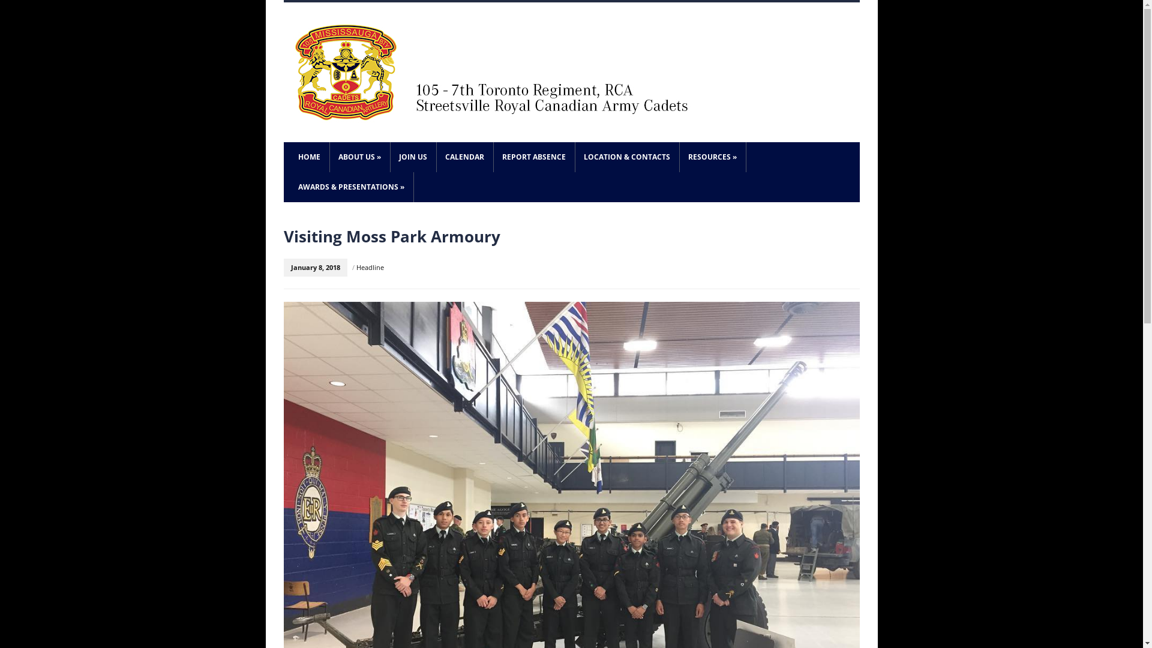  What do you see at coordinates (412, 157) in the screenshot?
I see `'JOIN US'` at bounding box center [412, 157].